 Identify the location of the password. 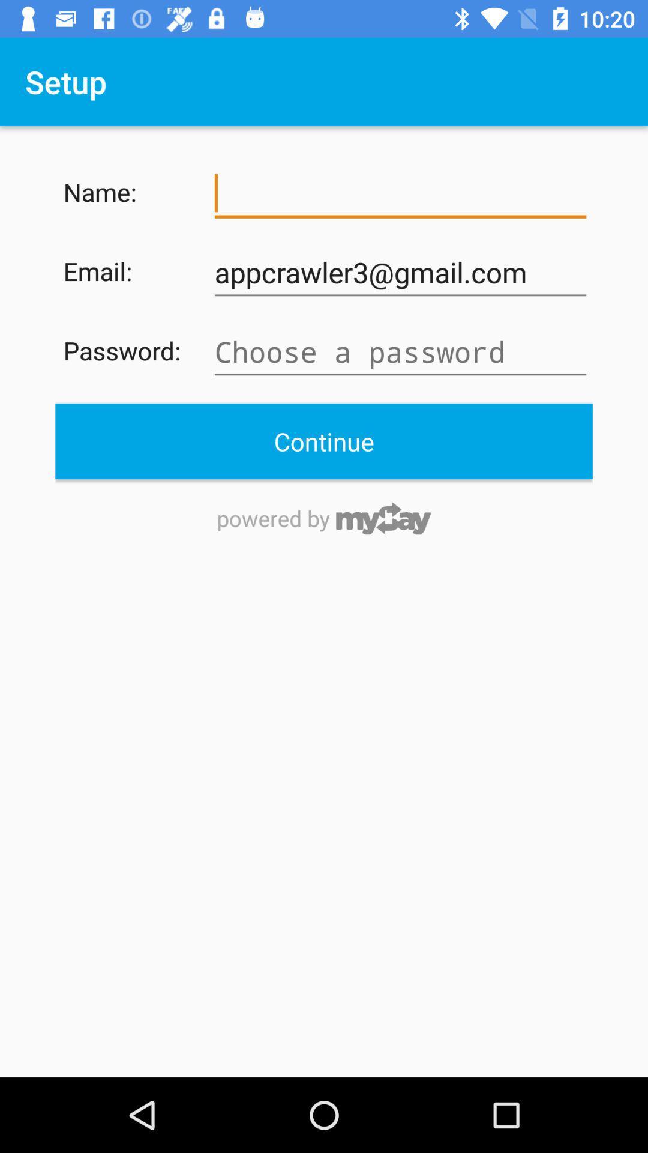
(400, 351).